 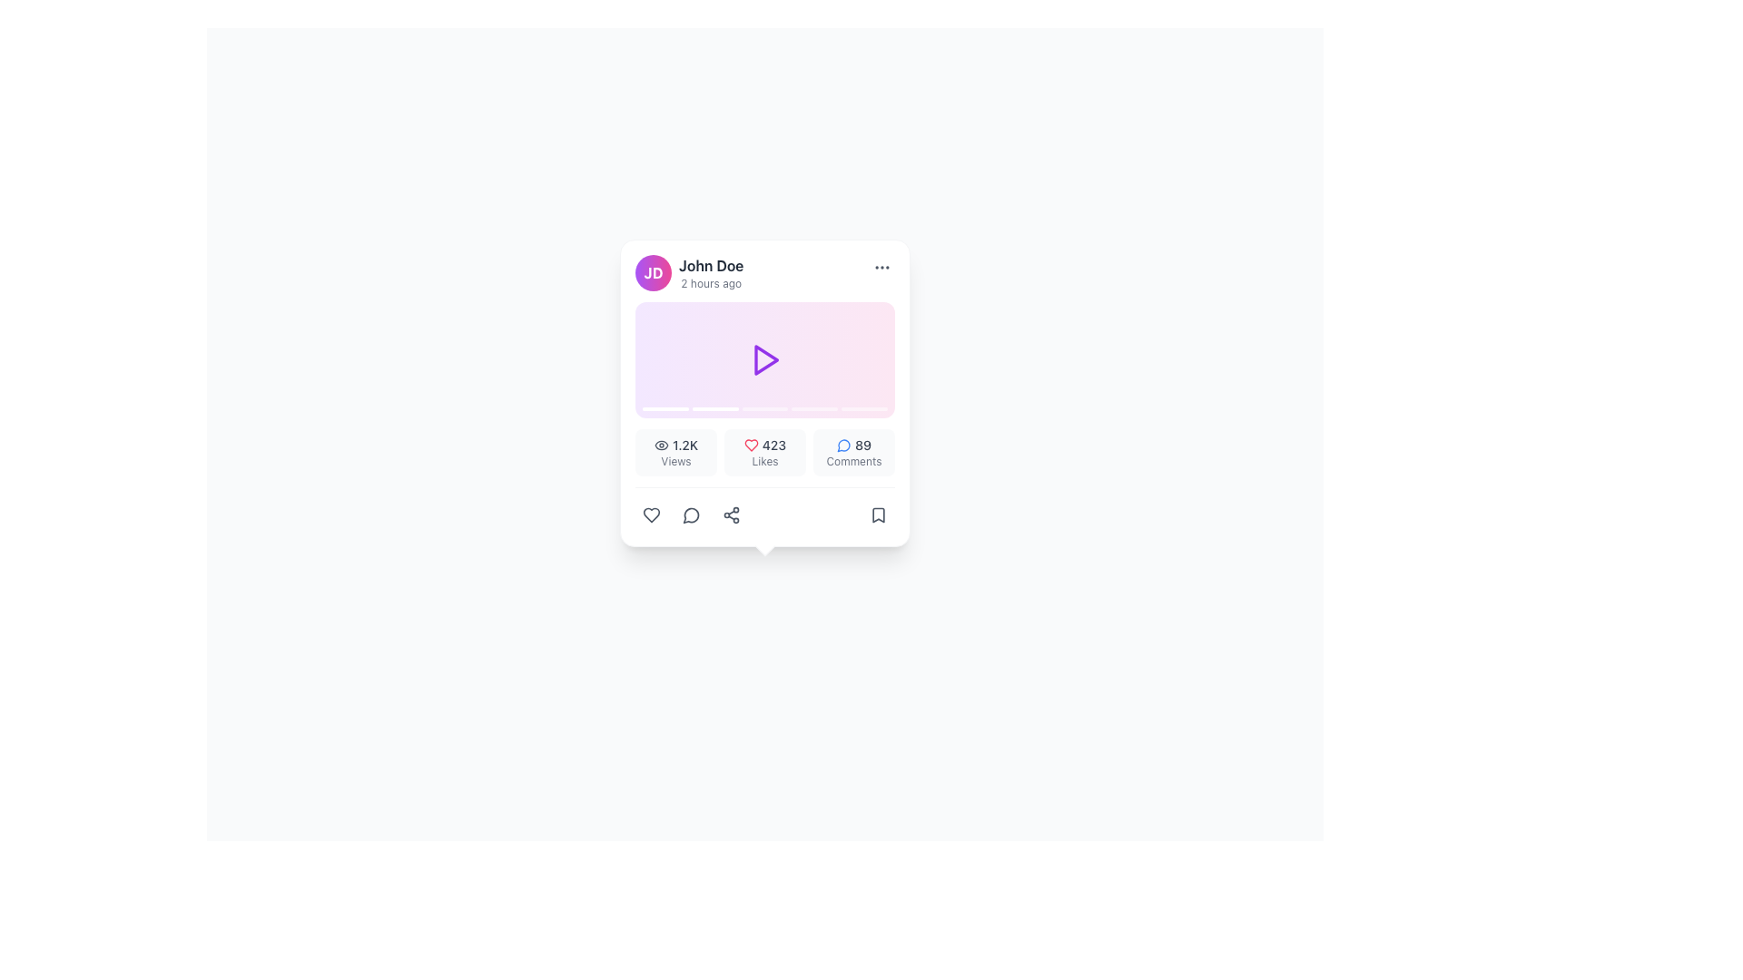 What do you see at coordinates (714, 409) in the screenshot?
I see `the second segment of the progress bar, which is a static visual segment indicating a portion of completion` at bounding box center [714, 409].